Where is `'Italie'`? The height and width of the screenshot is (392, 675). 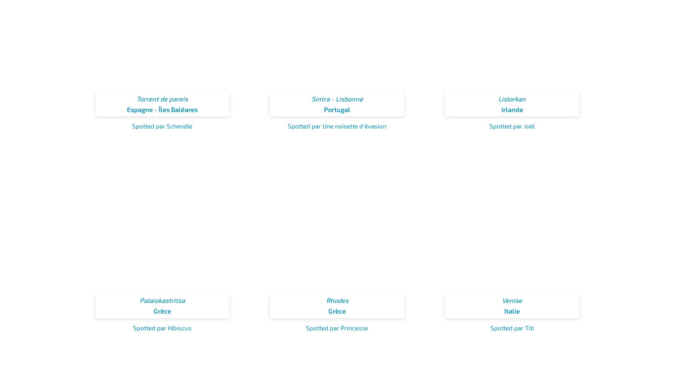 'Italie' is located at coordinates (504, 311).